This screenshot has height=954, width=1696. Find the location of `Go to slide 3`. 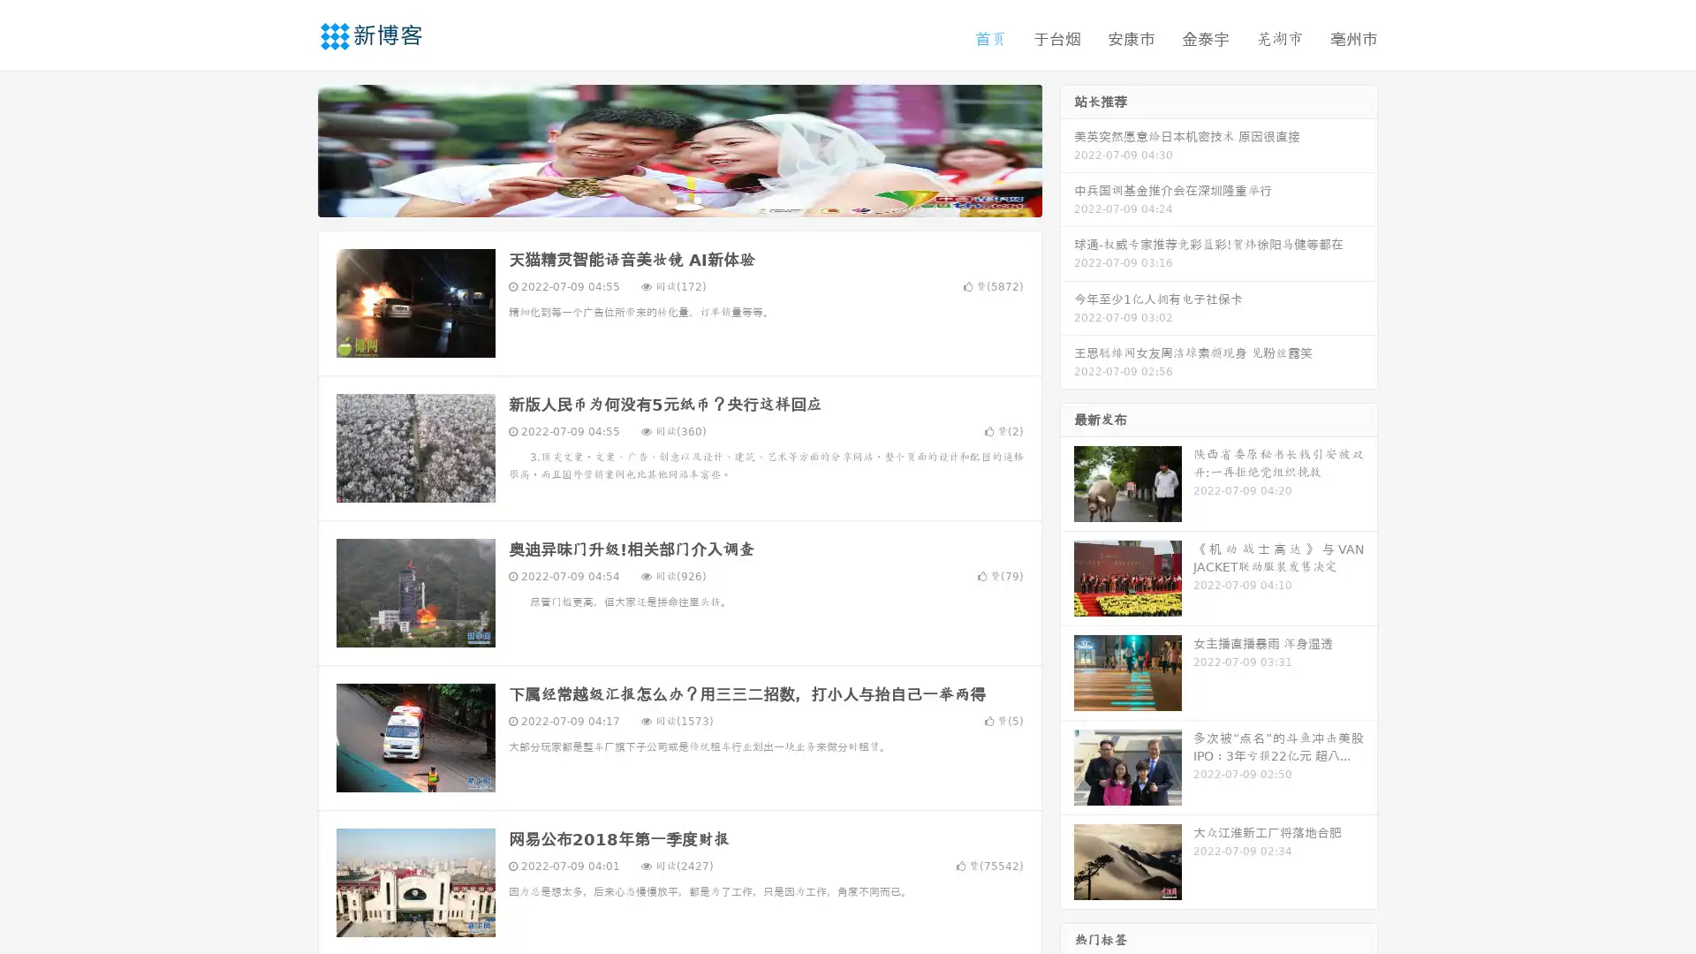

Go to slide 3 is located at coordinates (697, 199).